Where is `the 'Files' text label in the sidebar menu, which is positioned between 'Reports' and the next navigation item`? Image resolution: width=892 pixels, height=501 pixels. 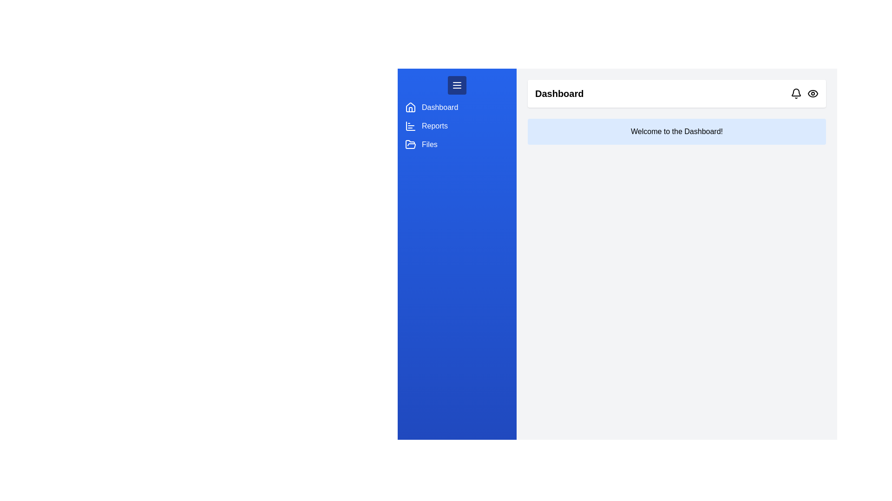 the 'Files' text label in the sidebar menu, which is positioned between 'Reports' and the next navigation item is located at coordinates (429, 145).